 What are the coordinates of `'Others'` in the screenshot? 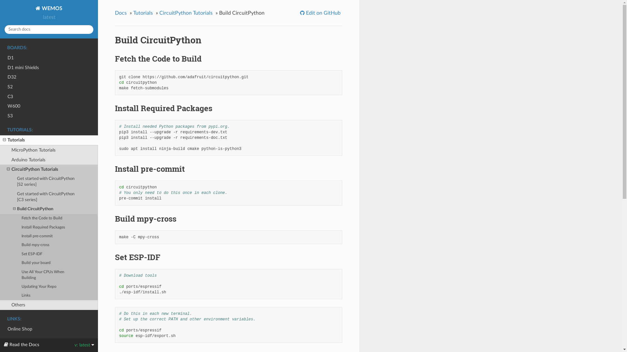 It's located at (48, 305).